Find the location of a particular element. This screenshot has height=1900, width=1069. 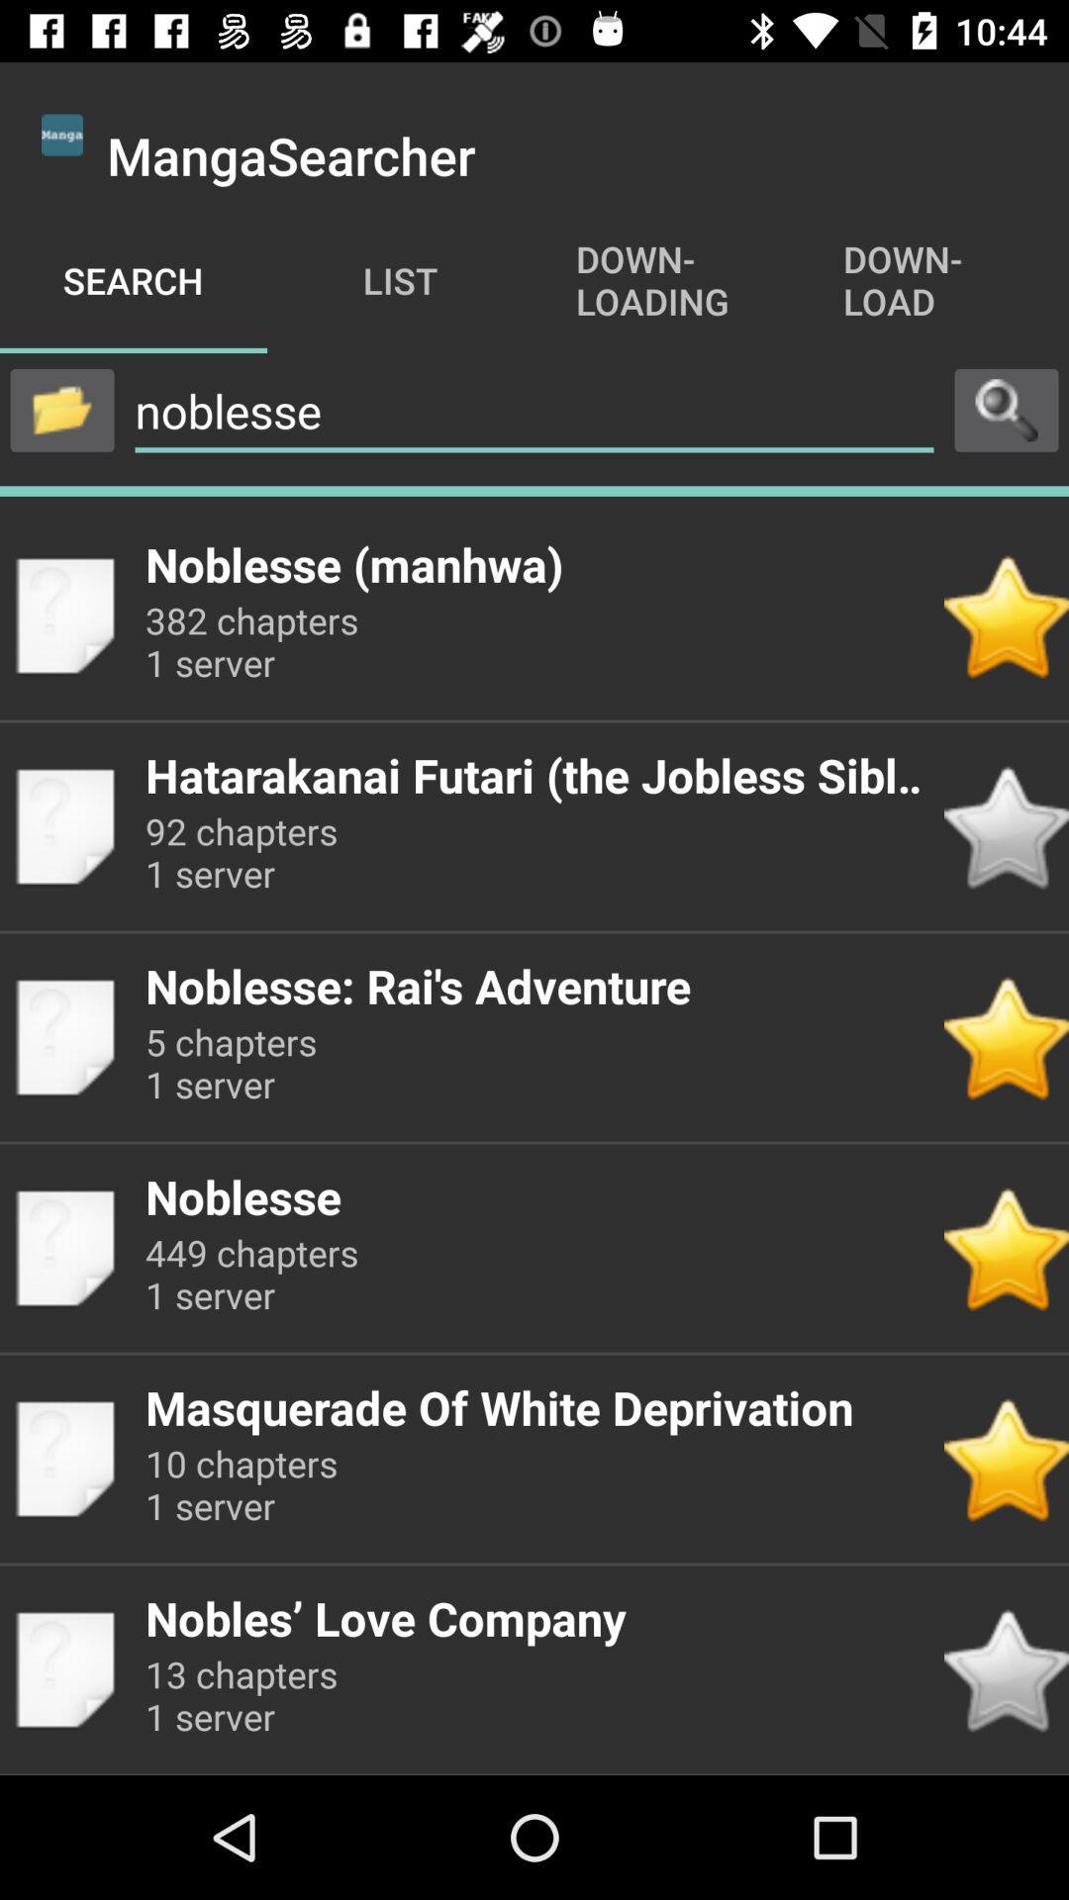

folder button is located at coordinates (60, 409).